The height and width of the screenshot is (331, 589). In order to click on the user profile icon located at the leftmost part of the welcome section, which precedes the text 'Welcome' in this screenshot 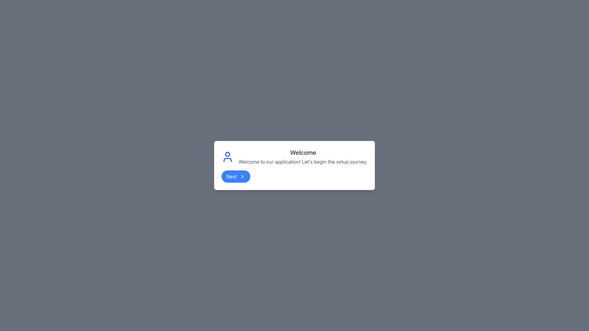, I will do `click(227, 157)`.